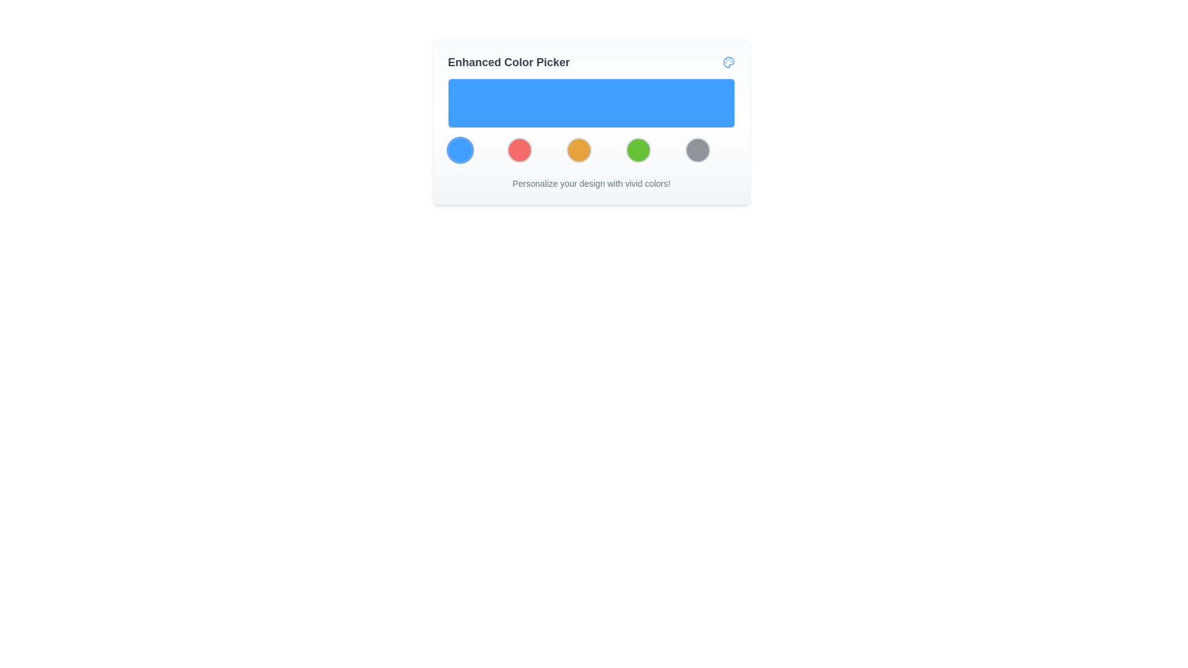 This screenshot has height=668, width=1188. I want to click on the circular button with a soft red background and light-gray border, located below the 'Enhanced Color Picker' and to the right of the blue circular button, so click(520, 150).